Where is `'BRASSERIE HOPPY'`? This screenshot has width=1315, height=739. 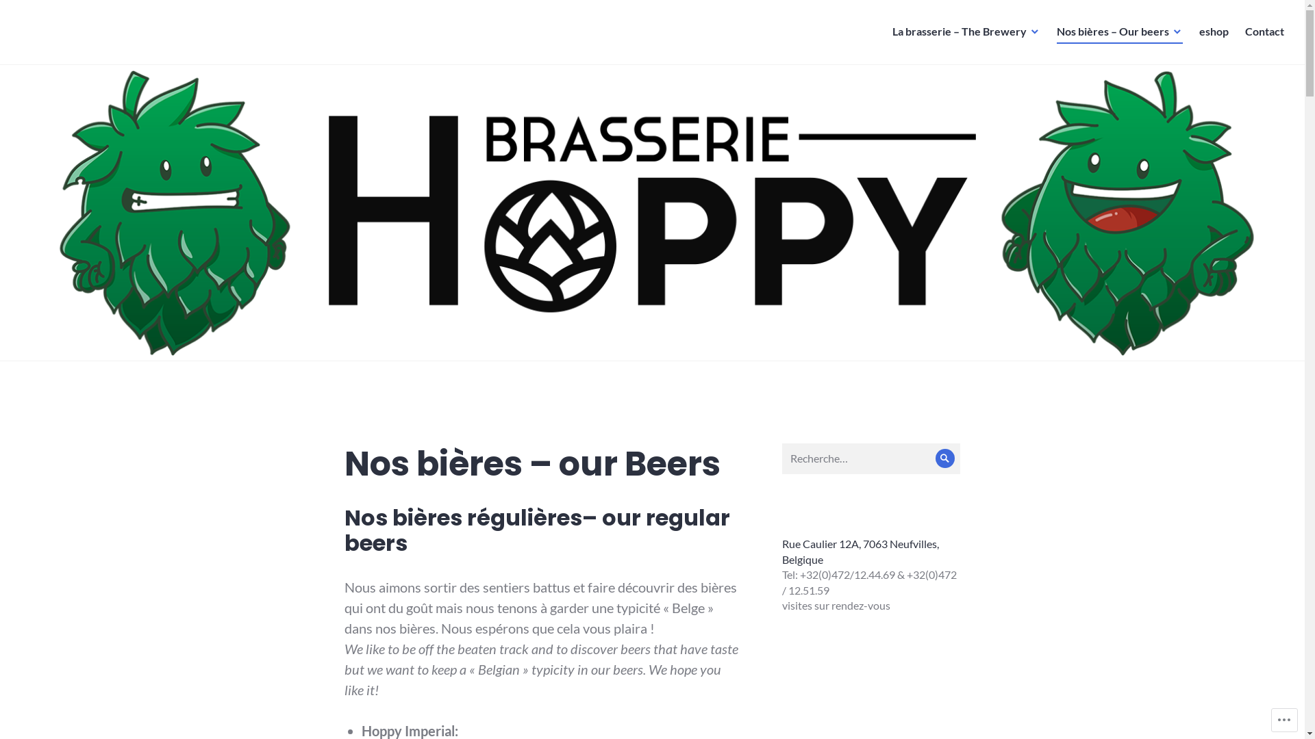
'BRASSERIE HOPPY' is located at coordinates (97, 41).